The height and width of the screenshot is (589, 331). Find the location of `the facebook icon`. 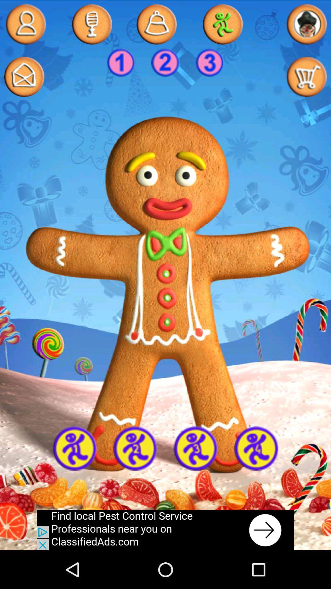

the facebook icon is located at coordinates (121, 67).